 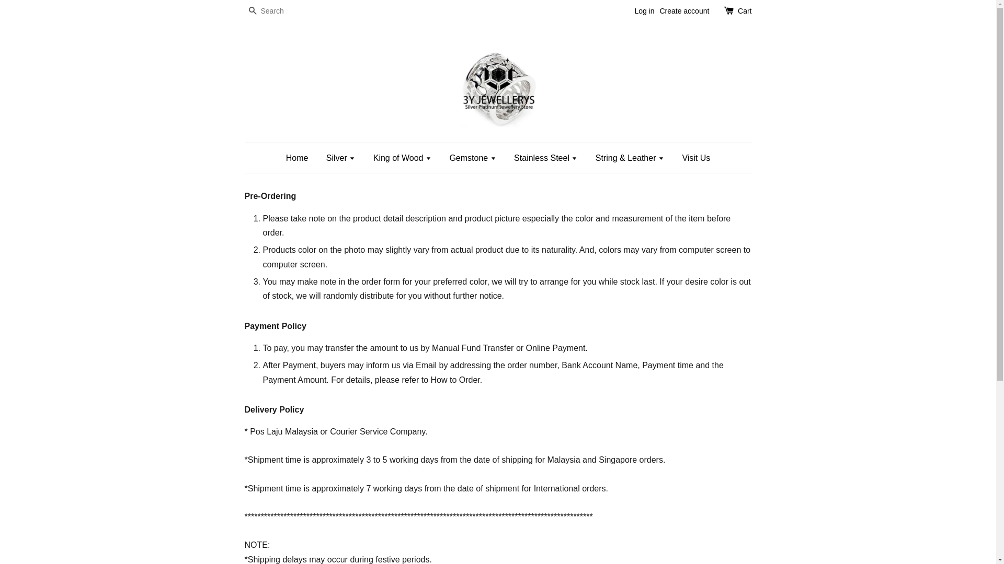 What do you see at coordinates (744, 11) in the screenshot?
I see `'Cart'` at bounding box center [744, 11].